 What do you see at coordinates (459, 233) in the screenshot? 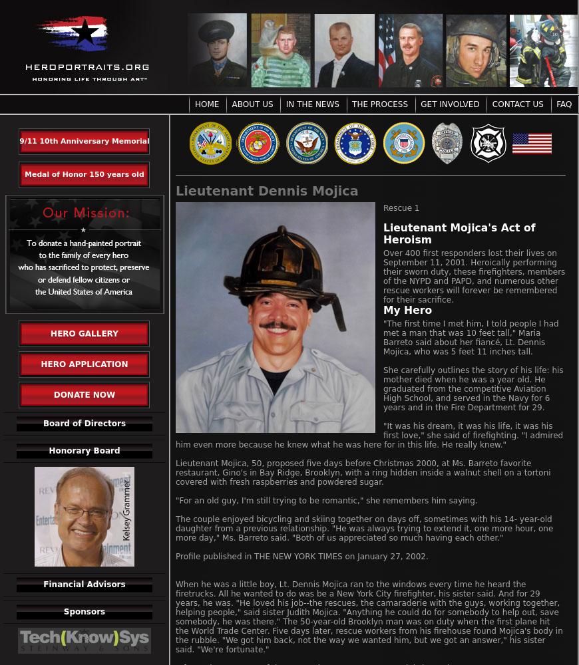
I see `'Lieutenant Mojica's Act of Heroism'` at bounding box center [459, 233].